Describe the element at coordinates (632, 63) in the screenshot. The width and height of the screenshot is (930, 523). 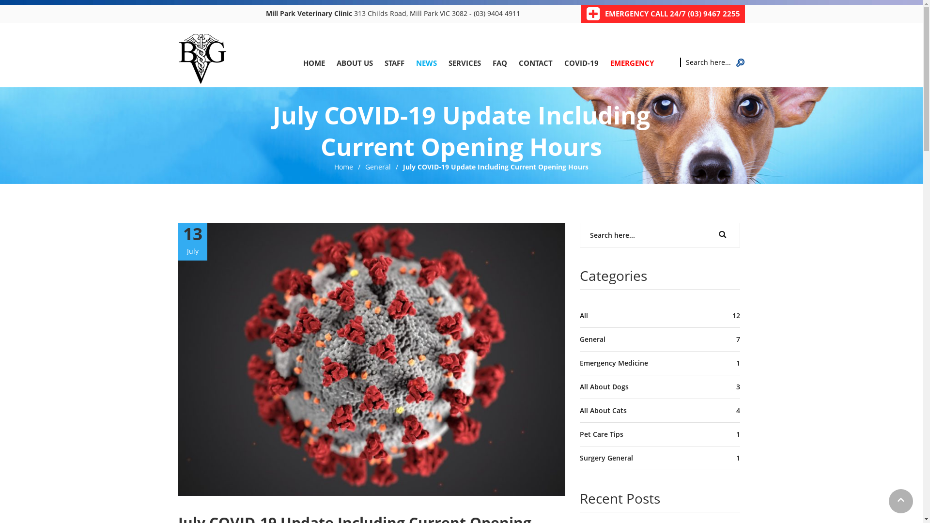
I see `'EMERGENCY'` at that location.